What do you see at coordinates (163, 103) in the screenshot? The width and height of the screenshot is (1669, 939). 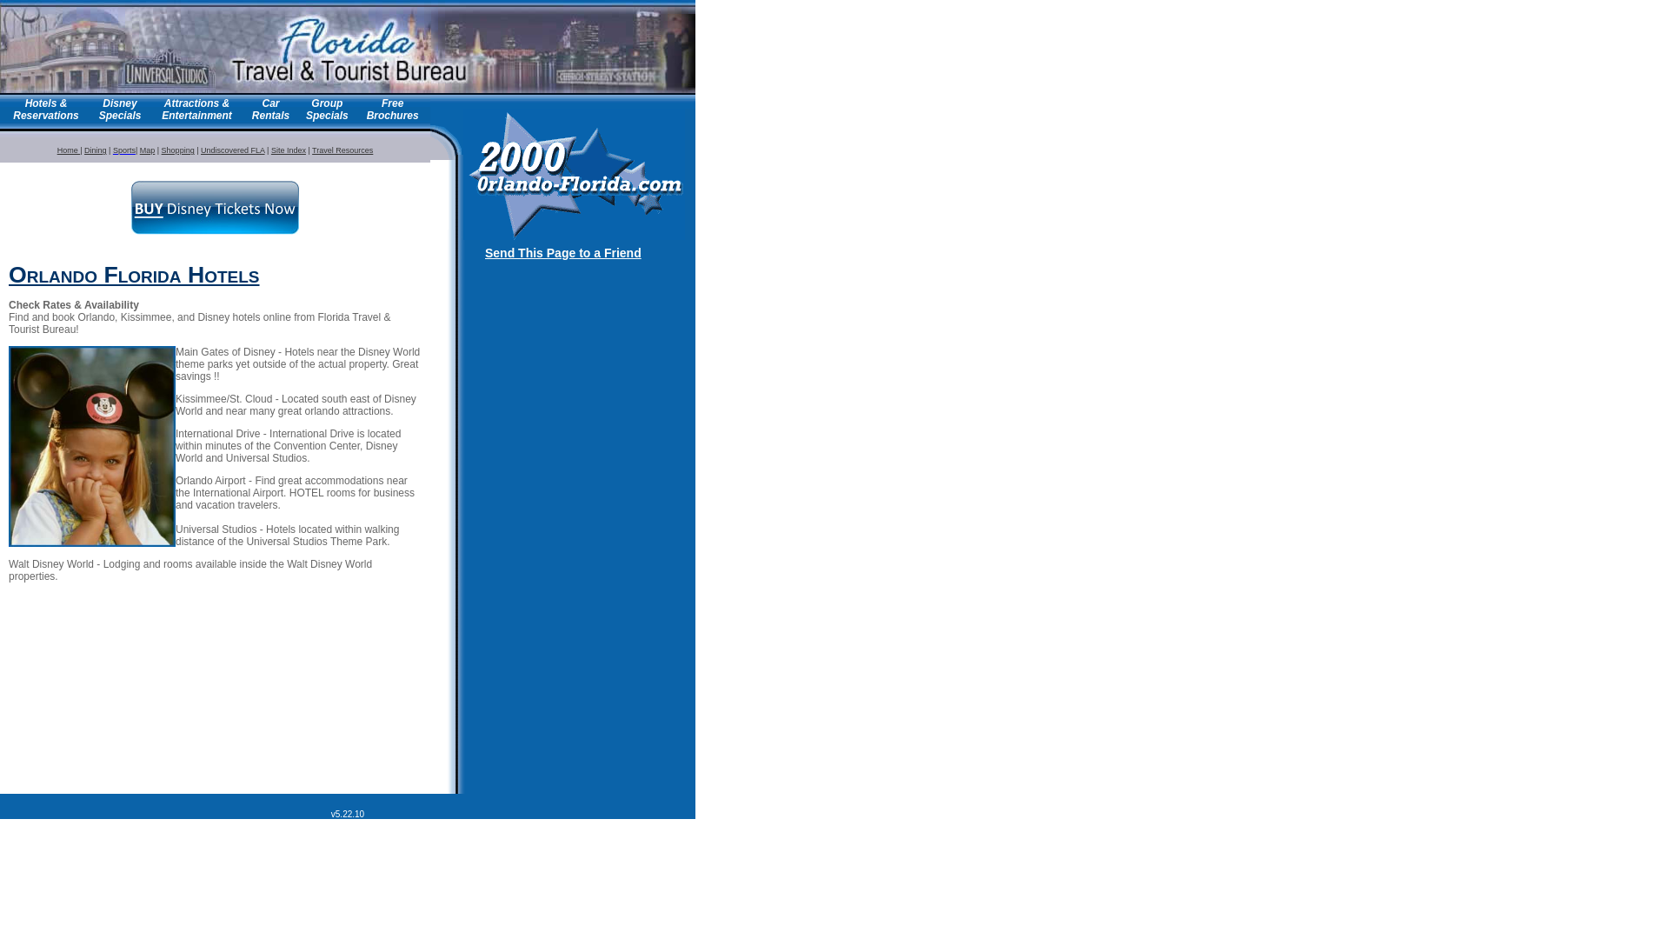 I see `'Attractions'` at bounding box center [163, 103].